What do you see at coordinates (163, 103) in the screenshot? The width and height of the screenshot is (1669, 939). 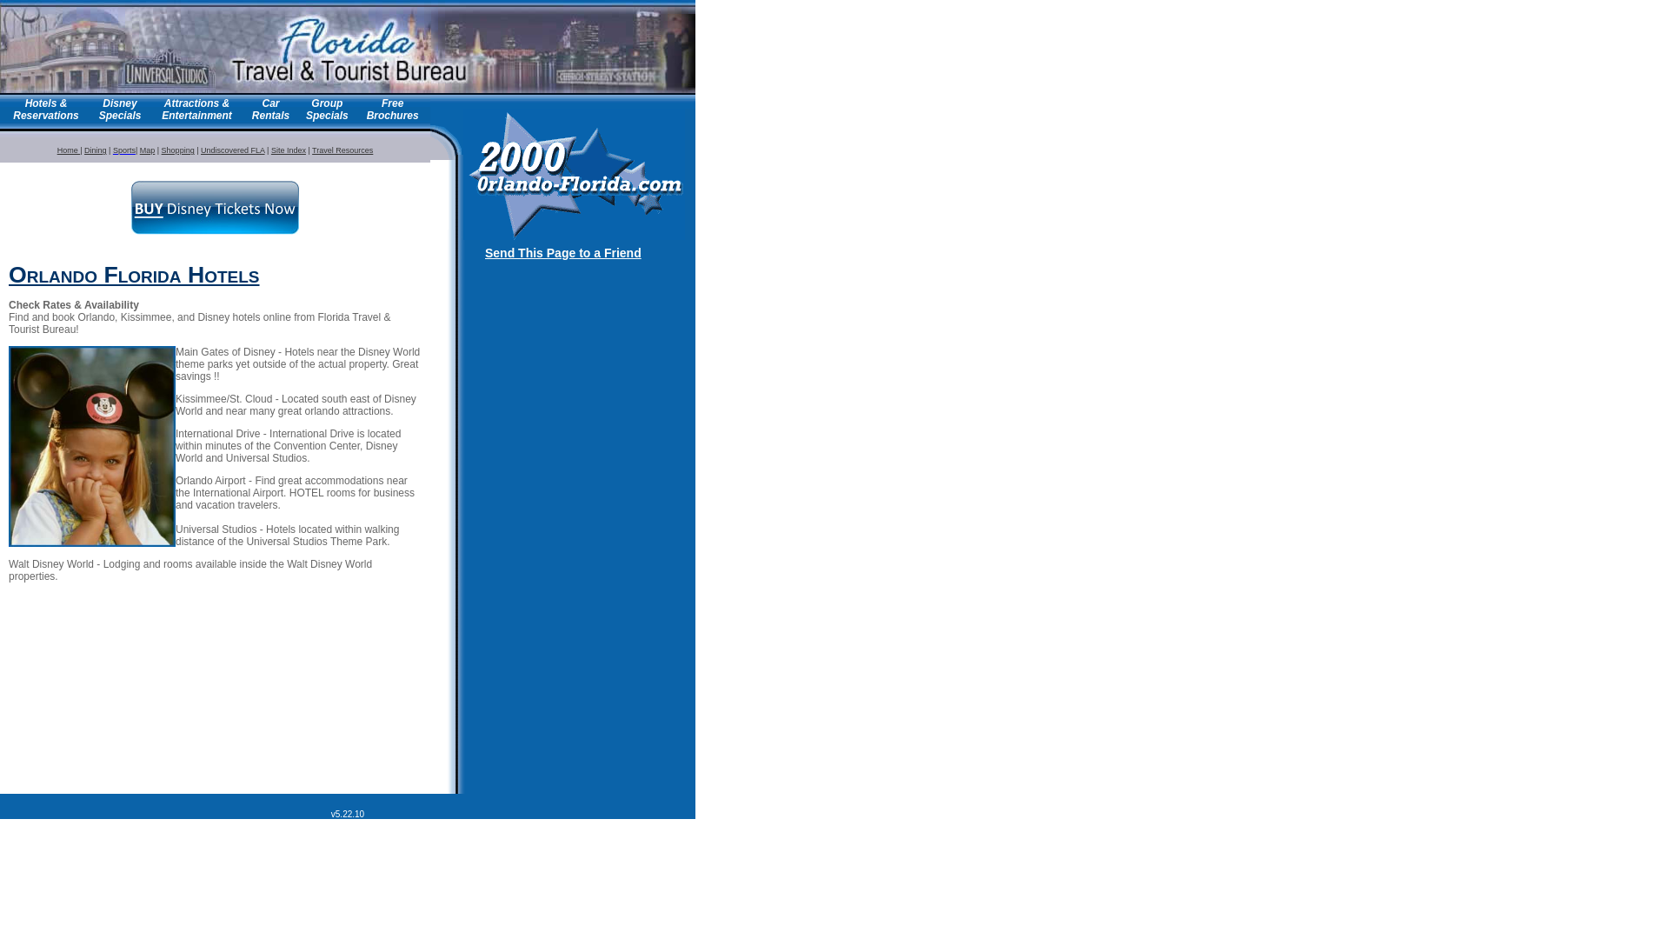 I see `'Attractions'` at bounding box center [163, 103].